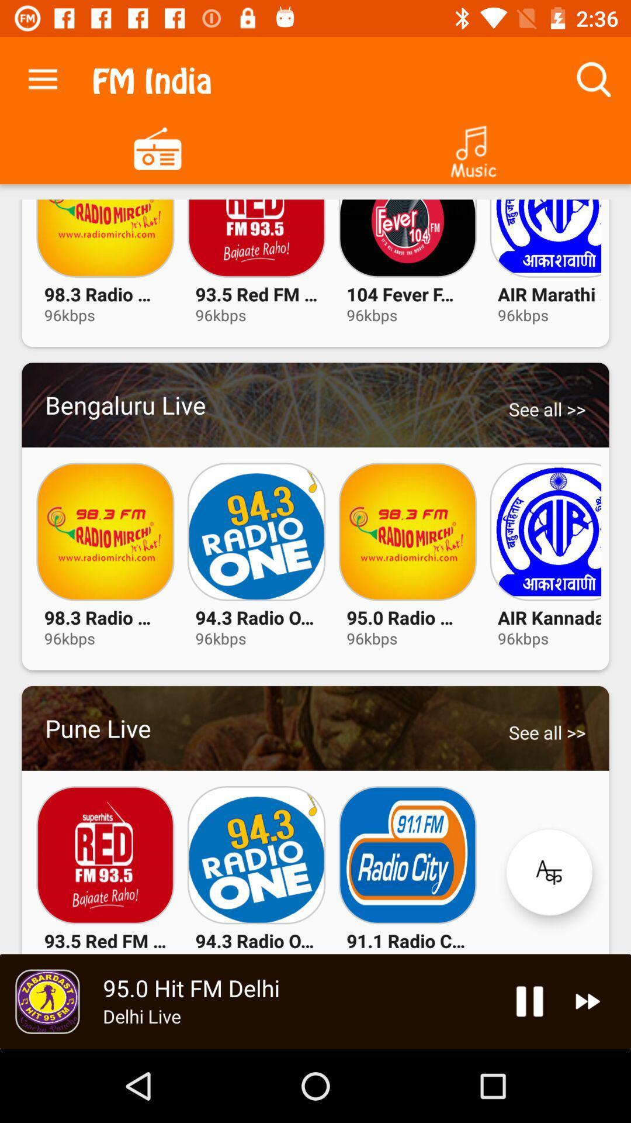 The width and height of the screenshot is (631, 1123). I want to click on pause audio, so click(529, 1001).